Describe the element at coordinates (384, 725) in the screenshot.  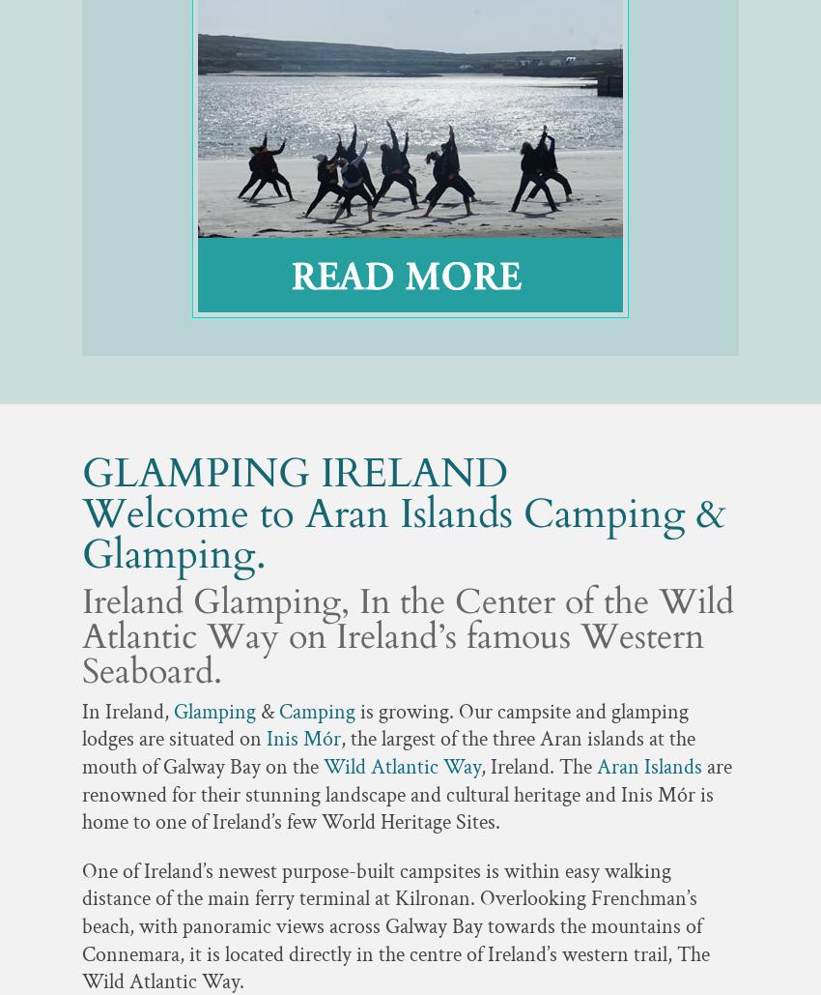
I see `'is growing. Our campsite and glamping lodges are situated on'` at that location.